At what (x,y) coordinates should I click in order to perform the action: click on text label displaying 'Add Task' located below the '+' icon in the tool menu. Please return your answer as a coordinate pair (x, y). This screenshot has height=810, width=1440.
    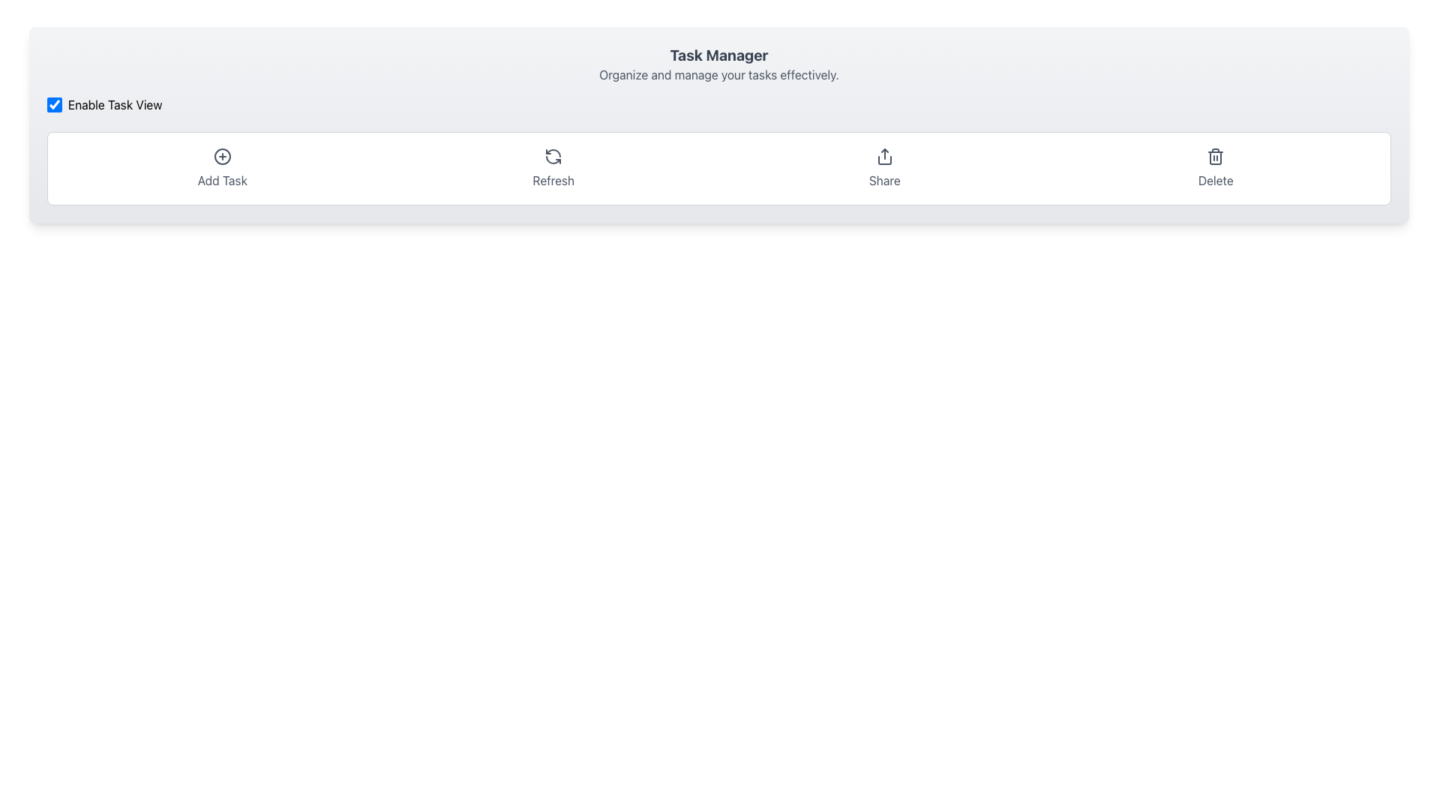
    Looking at the image, I should click on (221, 179).